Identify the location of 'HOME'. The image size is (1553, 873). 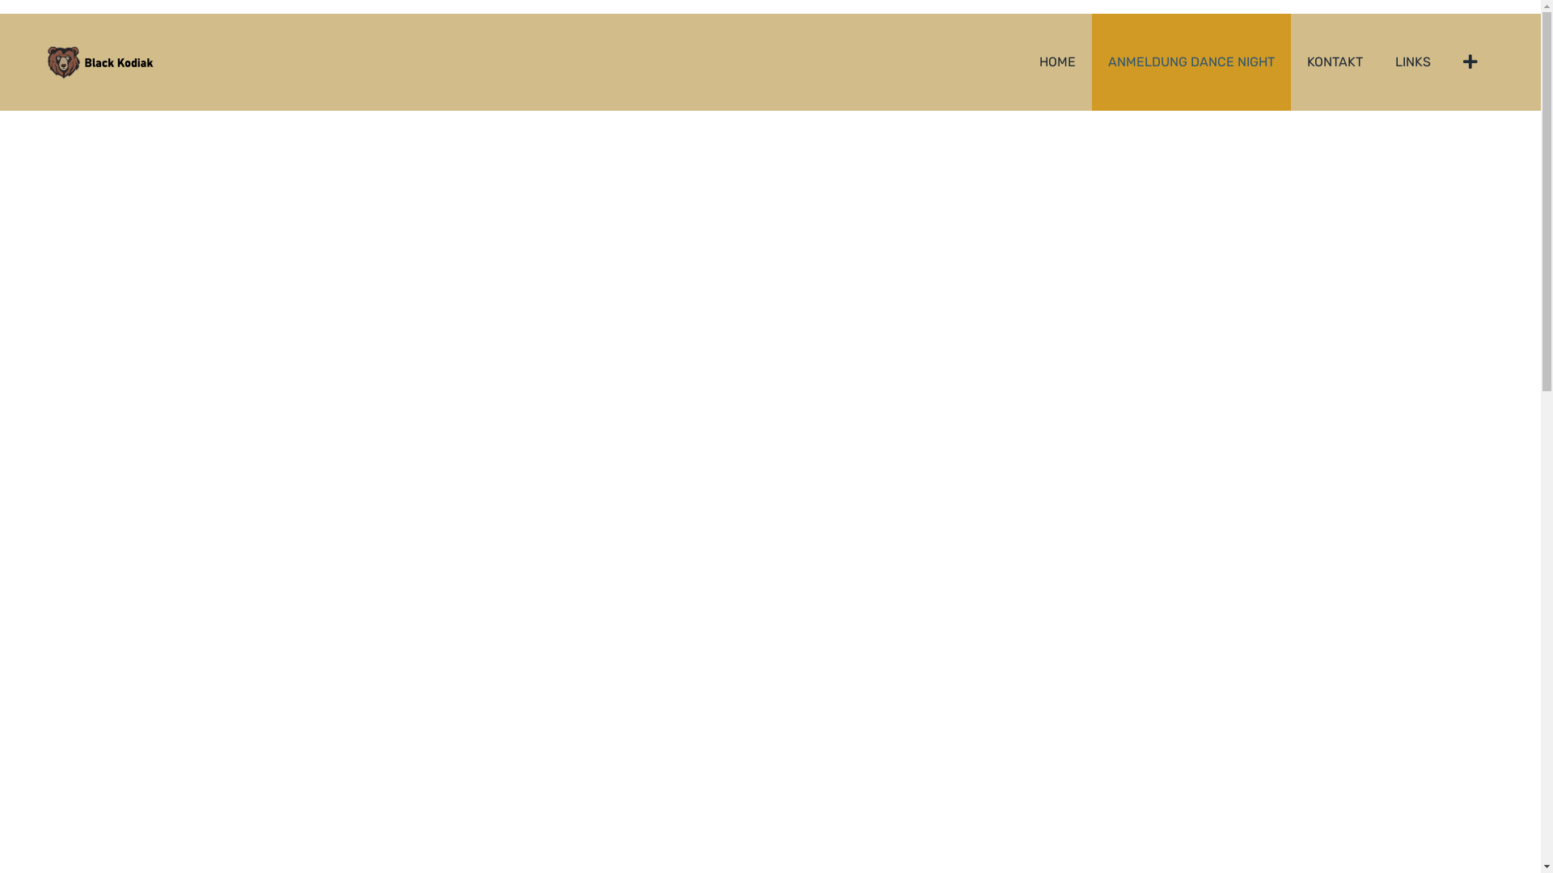
(1057, 61).